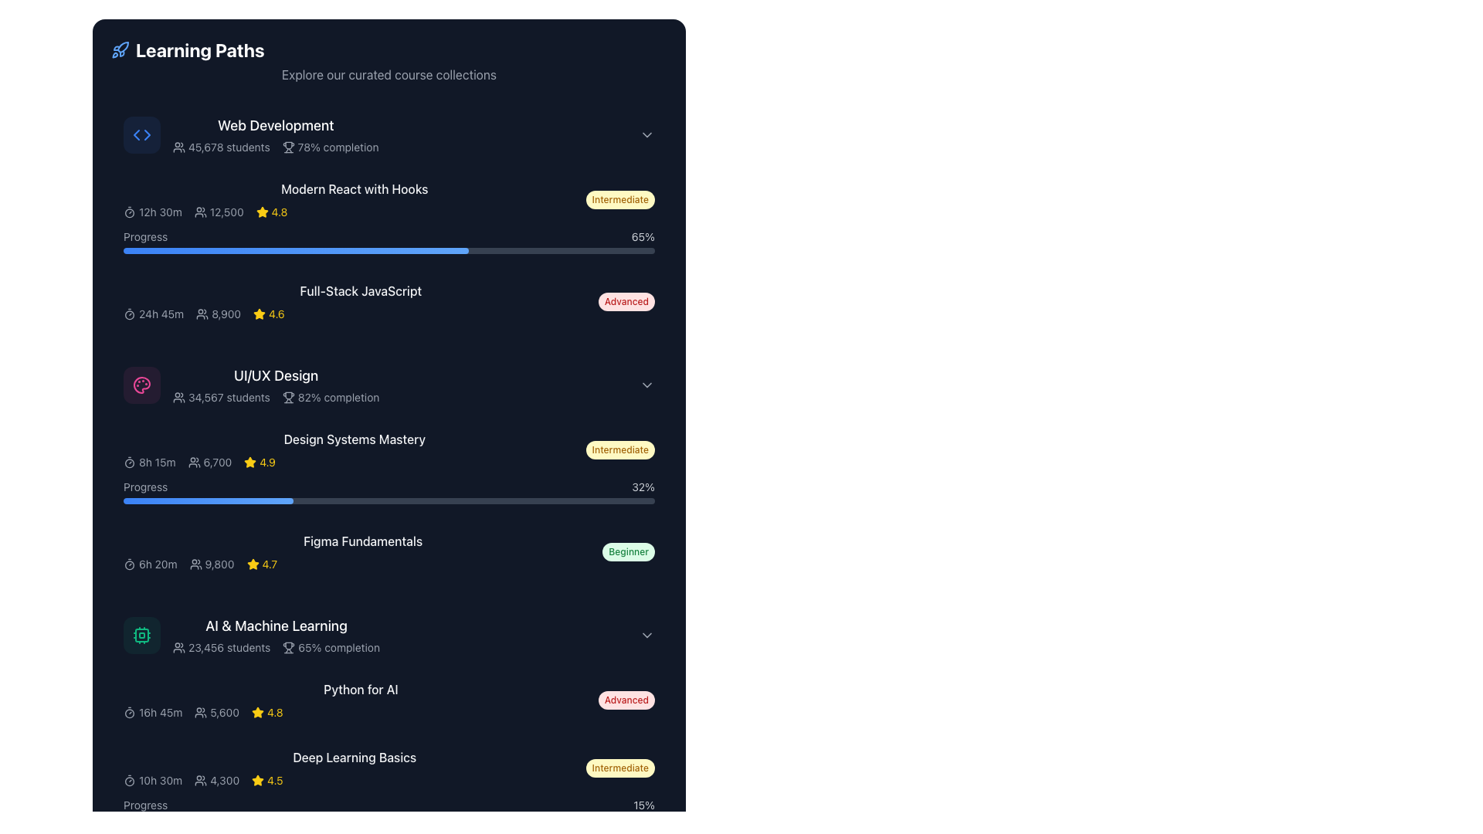 This screenshot has height=834, width=1483. What do you see at coordinates (647, 134) in the screenshot?
I see `the chevron icon that allows expanding or collapsing the 'Web Development' section` at bounding box center [647, 134].